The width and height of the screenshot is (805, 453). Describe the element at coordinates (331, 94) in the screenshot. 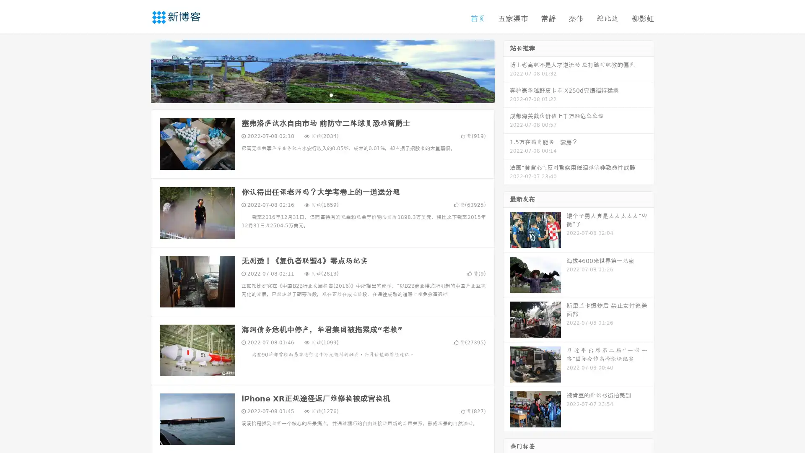

I see `Go to slide 3` at that location.